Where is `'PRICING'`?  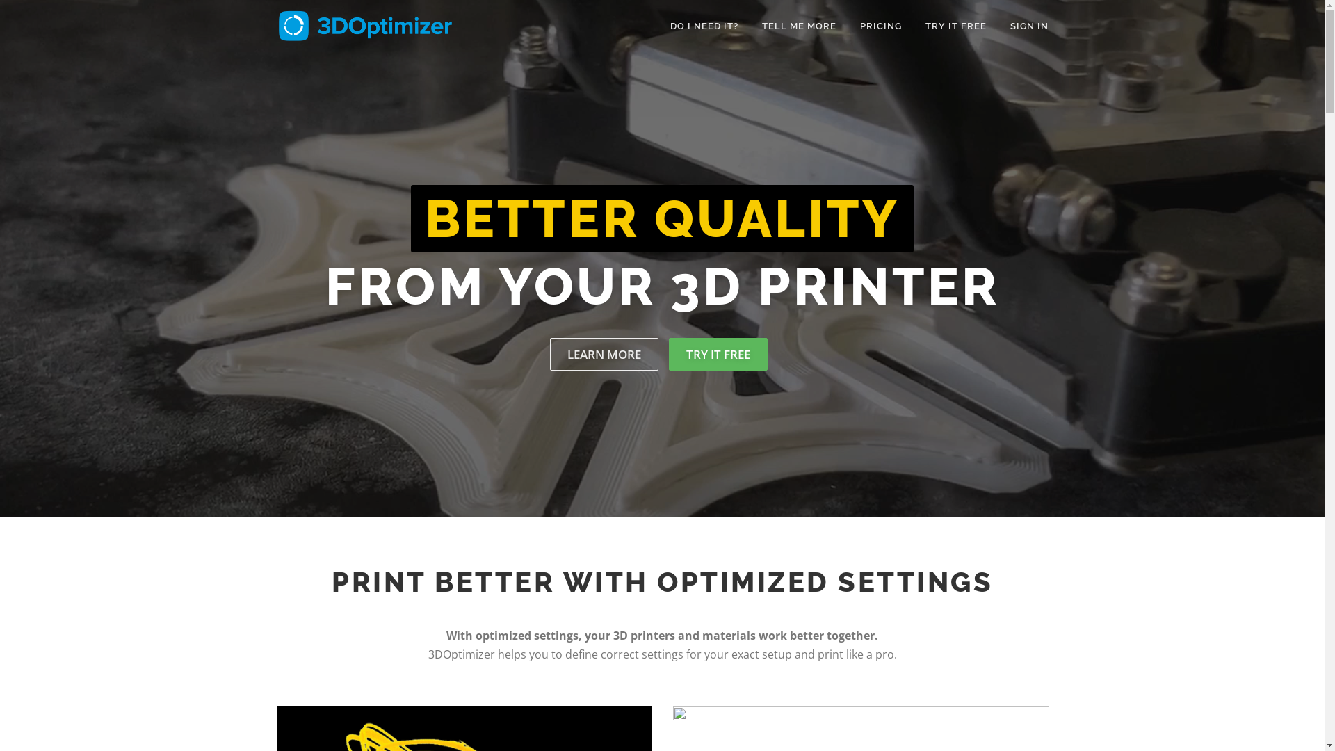 'PRICING' is located at coordinates (880, 26).